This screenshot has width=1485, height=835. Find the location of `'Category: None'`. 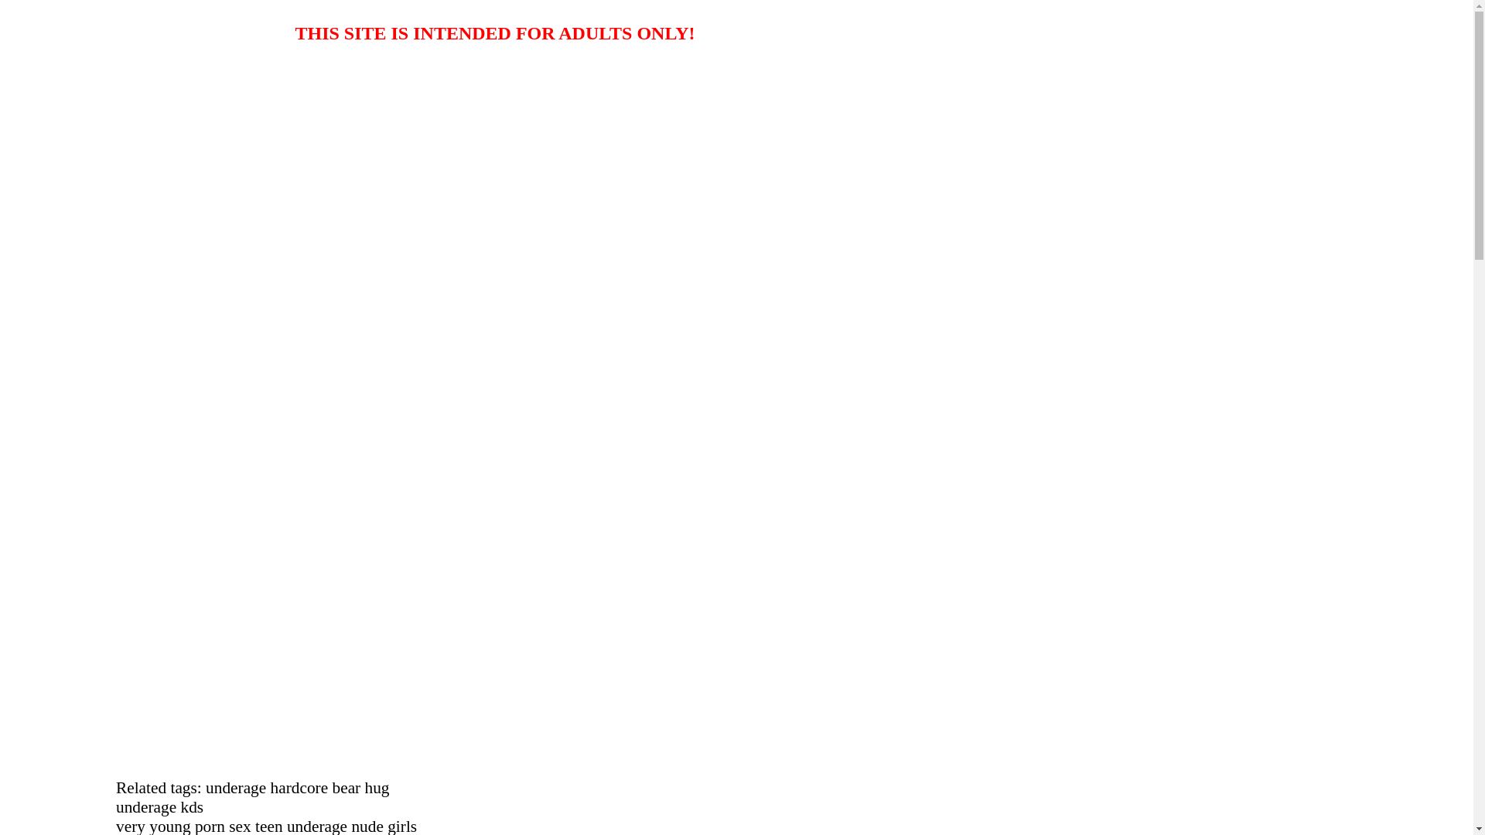

'Category: None' is located at coordinates (37, 118).